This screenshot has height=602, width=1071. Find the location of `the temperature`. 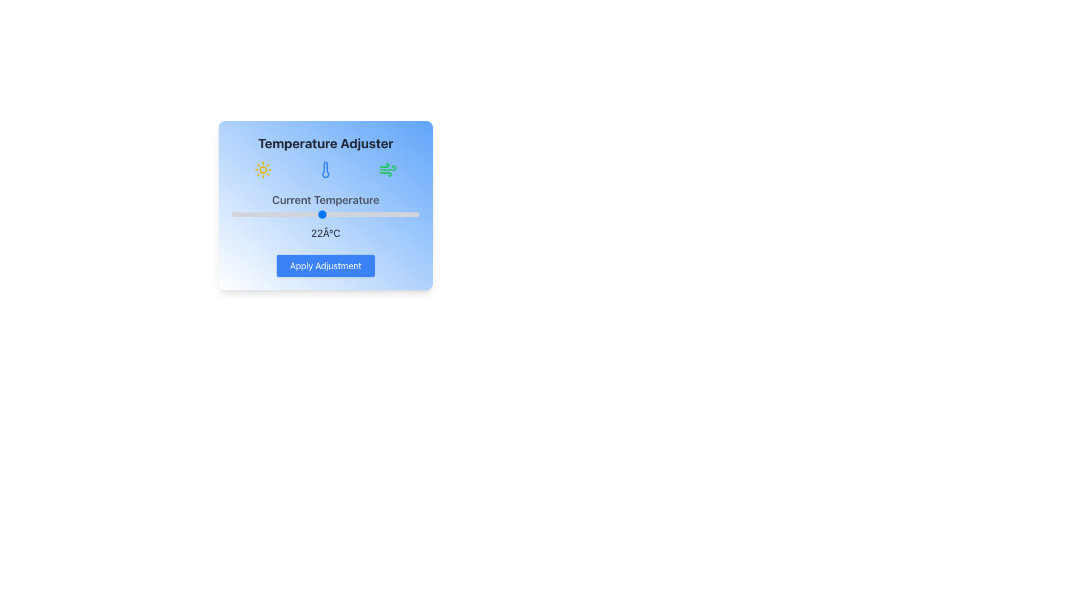

the temperature is located at coordinates (307, 215).